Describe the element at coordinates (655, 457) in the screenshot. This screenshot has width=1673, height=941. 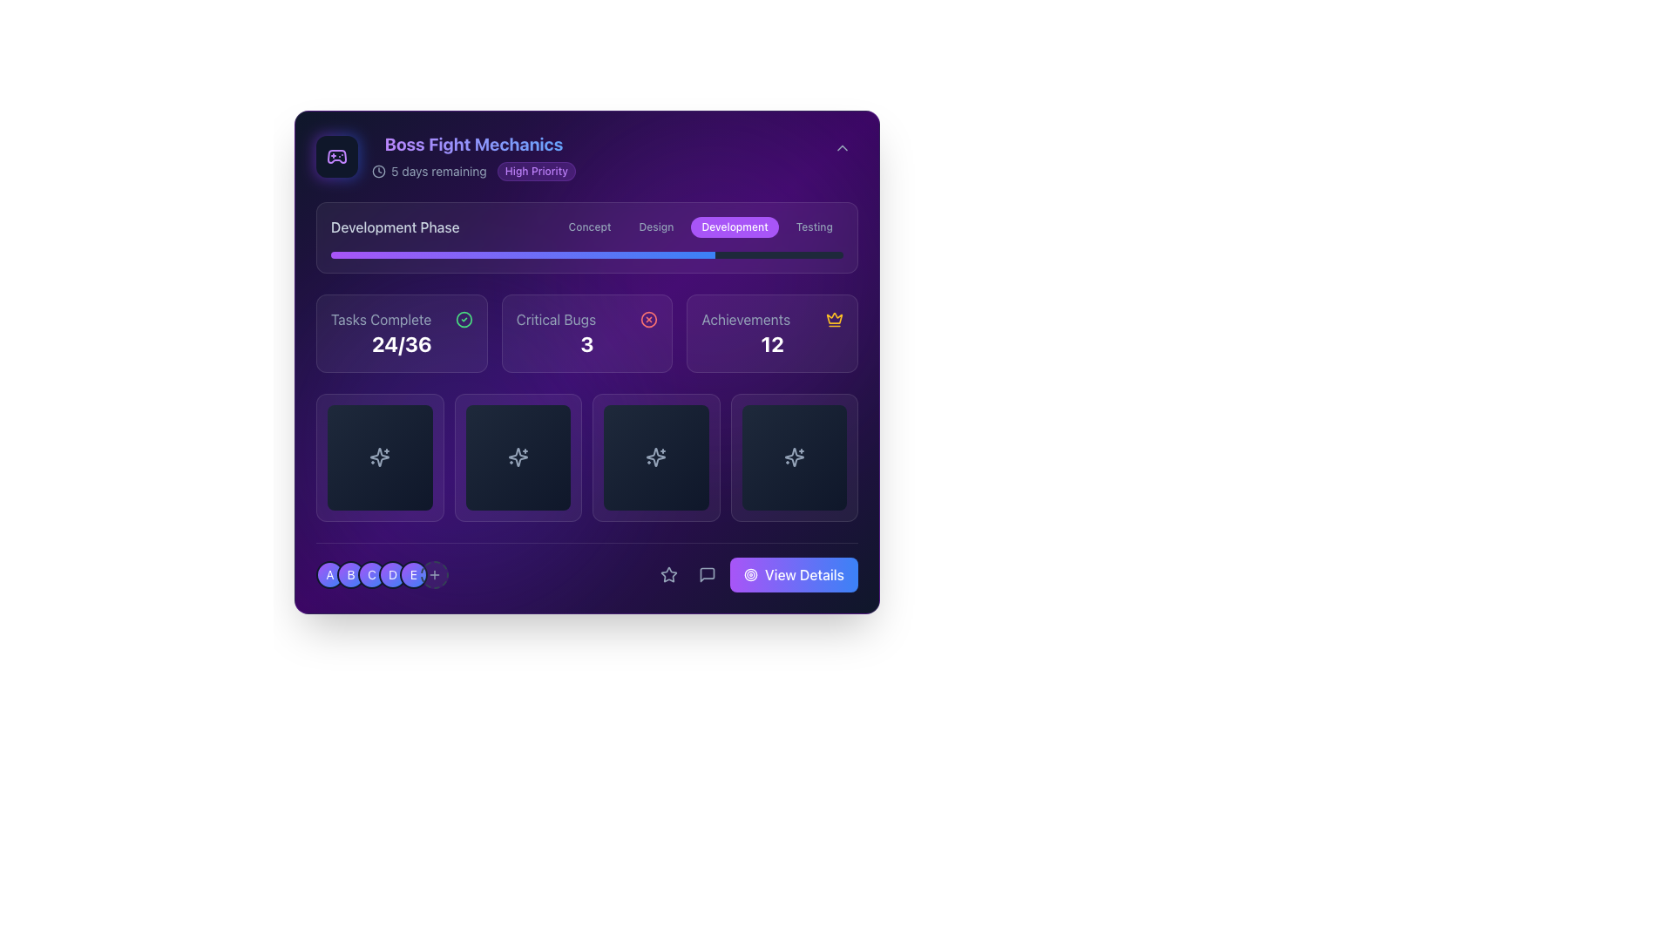
I see `the four-pointed star icon with sparkles that changes color when hovered, located in the third position of the icon grid at the bottom of the main card interface` at that location.